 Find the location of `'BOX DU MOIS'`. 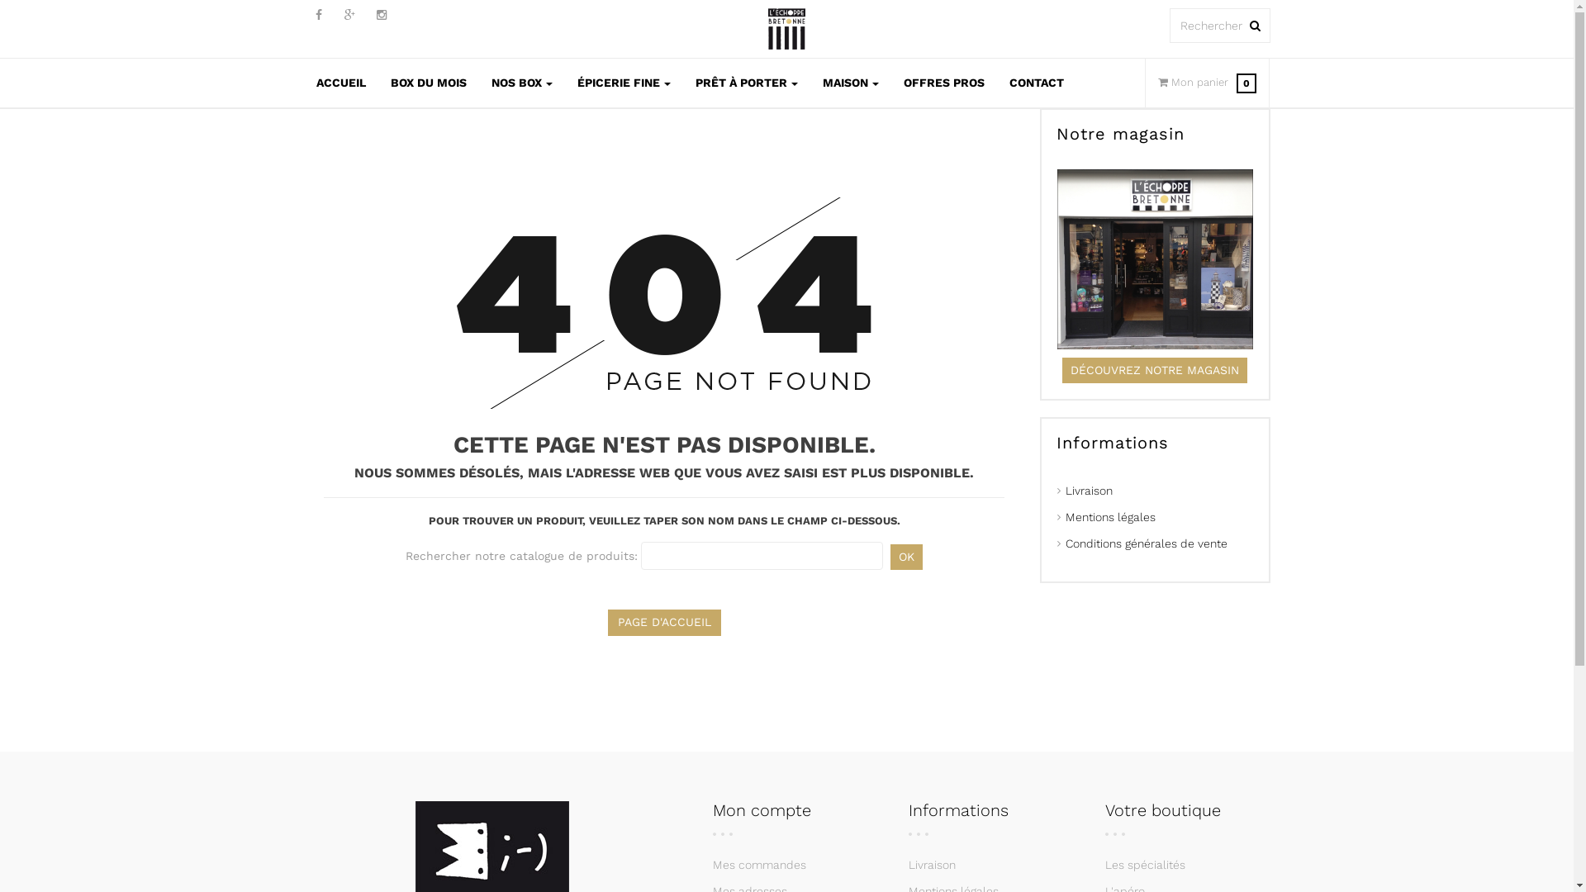

'BOX DU MOIS' is located at coordinates (428, 83).